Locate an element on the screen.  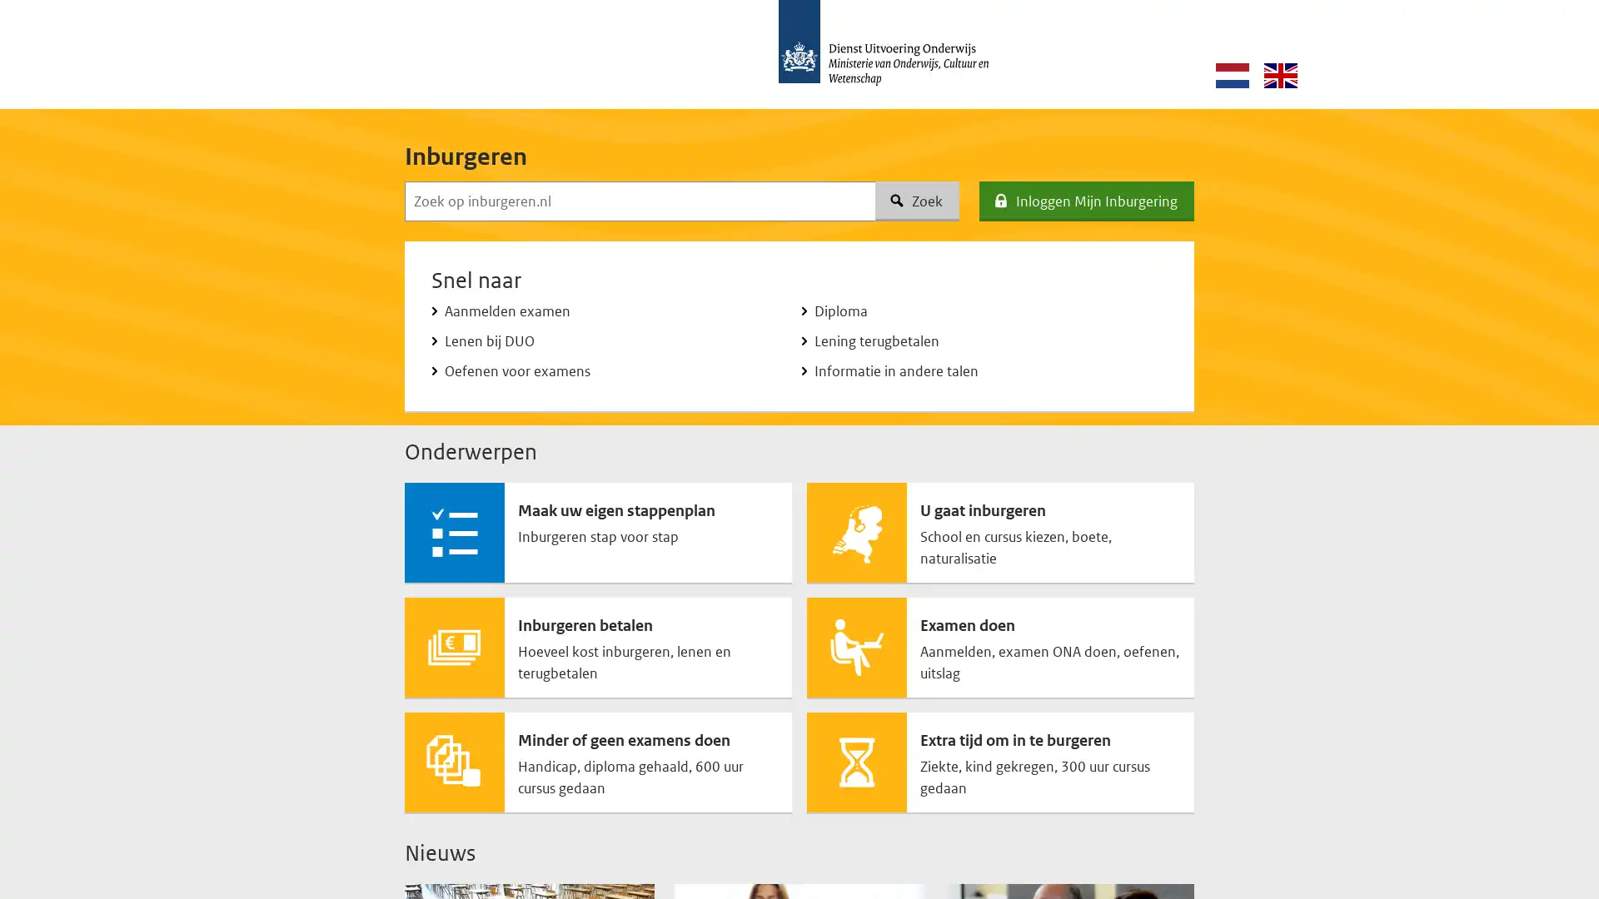
Zoek is located at coordinates (916, 201).